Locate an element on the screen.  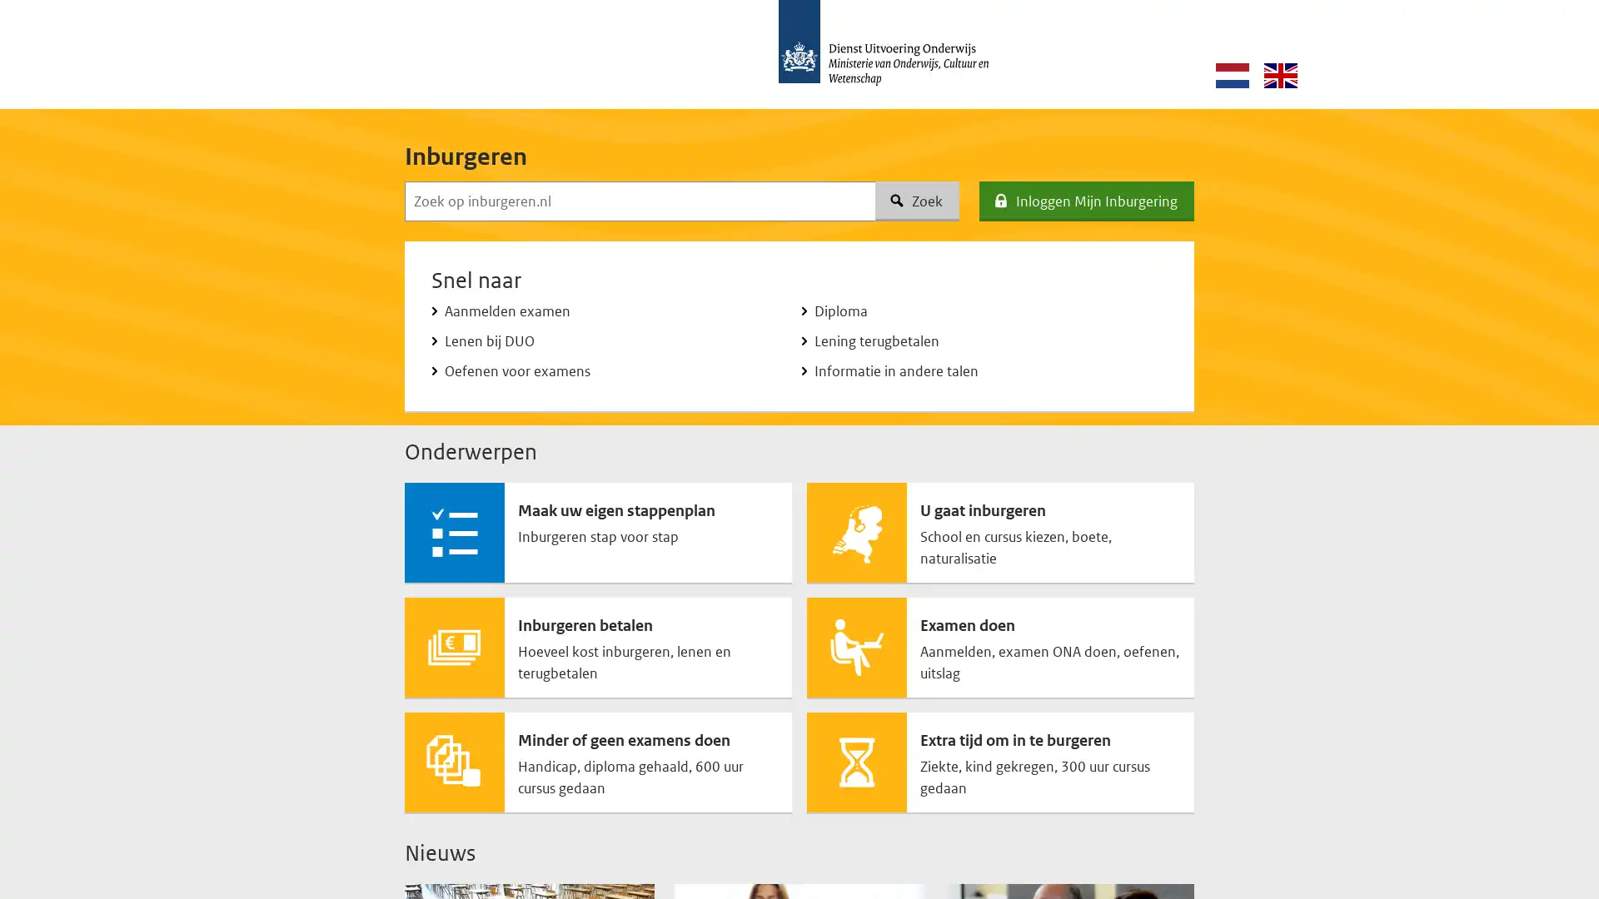
Zoek is located at coordinates (916, 201).